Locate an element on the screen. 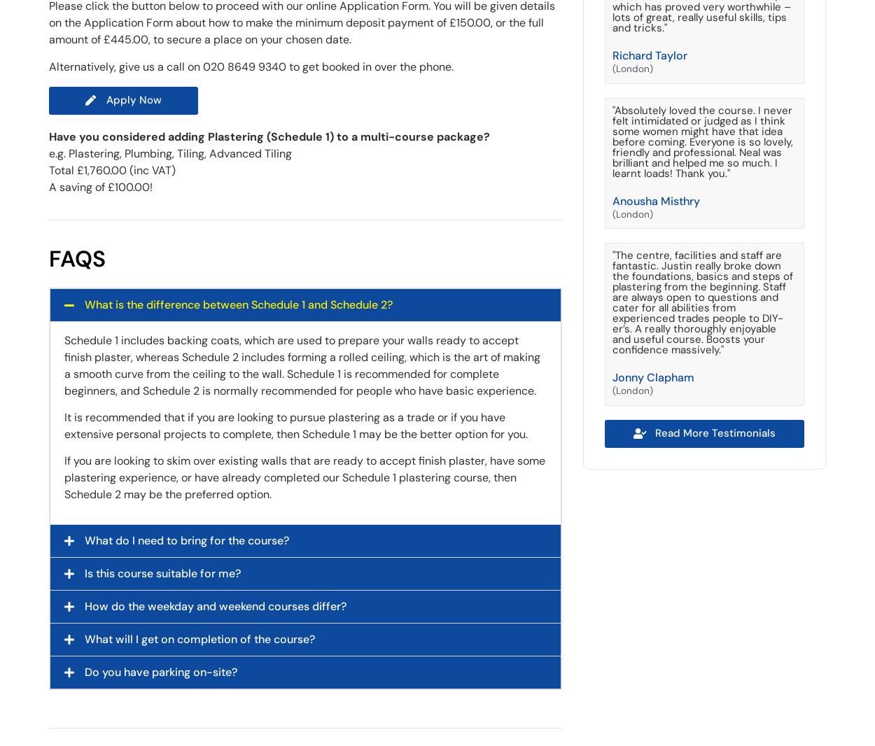 Image resolution: width=875 pixels, height=746 pixels. 'Is this course suitable for me?' is located at coordinates (162, 572).